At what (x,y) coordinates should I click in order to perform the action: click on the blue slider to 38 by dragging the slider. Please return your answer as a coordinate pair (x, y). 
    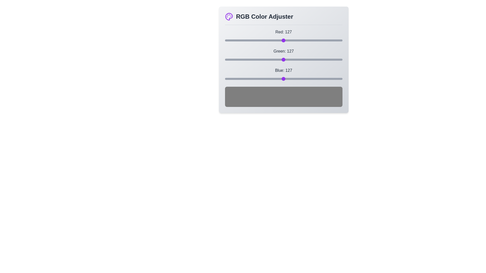
    Looking at the image, I should click on (242, 79).